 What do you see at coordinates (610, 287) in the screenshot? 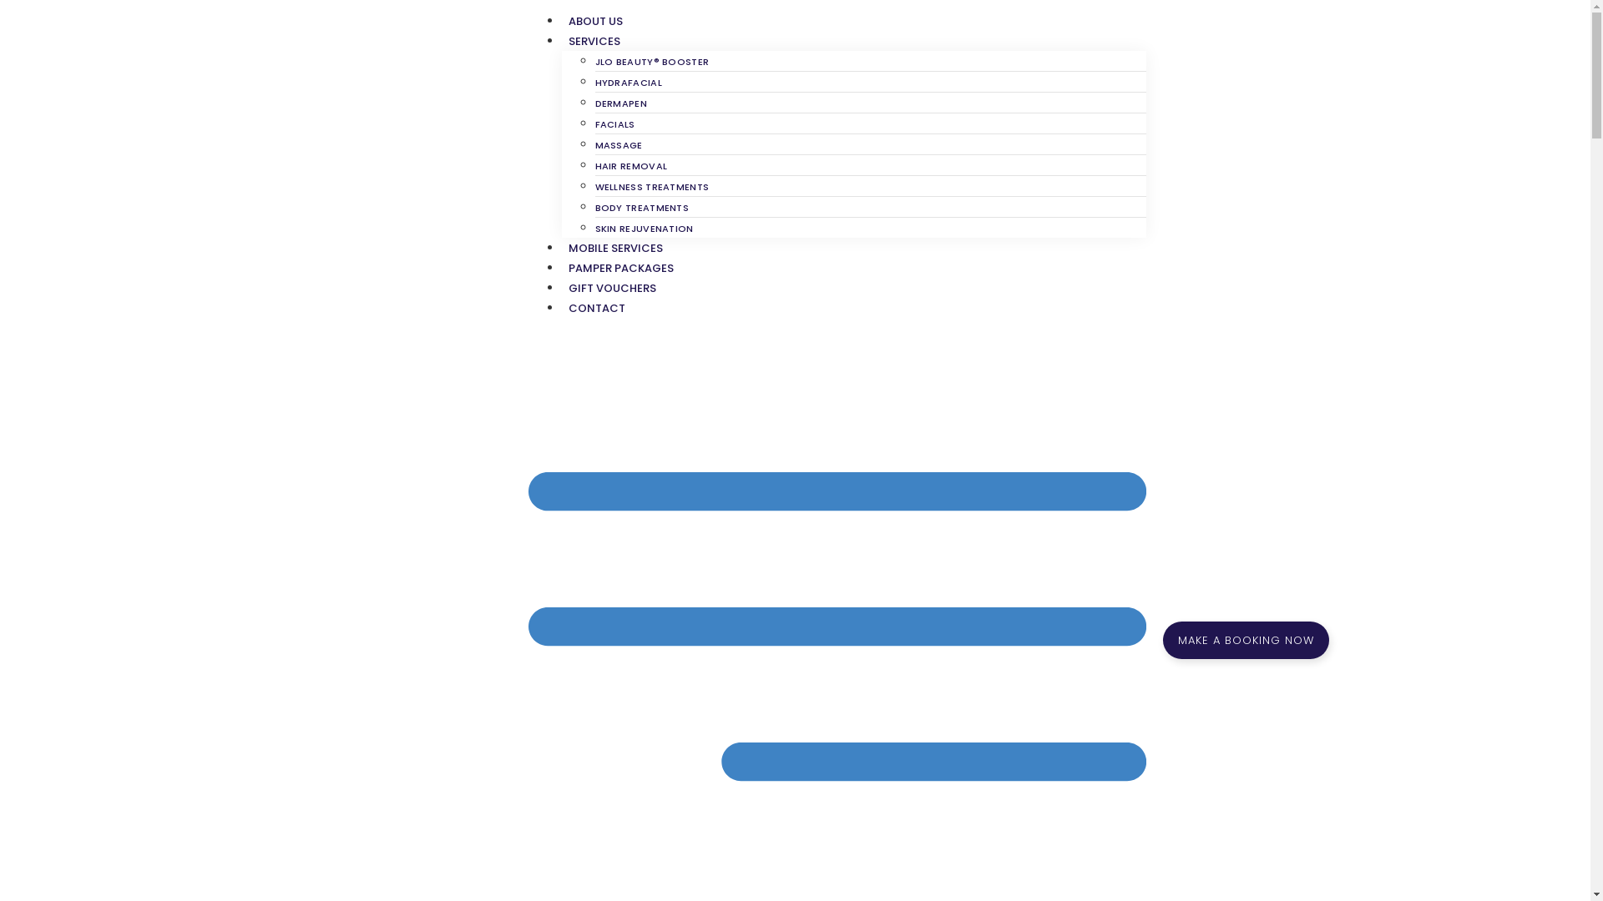
I see `'GIFT VOUCHERS'` at bounding box center [610, 287].